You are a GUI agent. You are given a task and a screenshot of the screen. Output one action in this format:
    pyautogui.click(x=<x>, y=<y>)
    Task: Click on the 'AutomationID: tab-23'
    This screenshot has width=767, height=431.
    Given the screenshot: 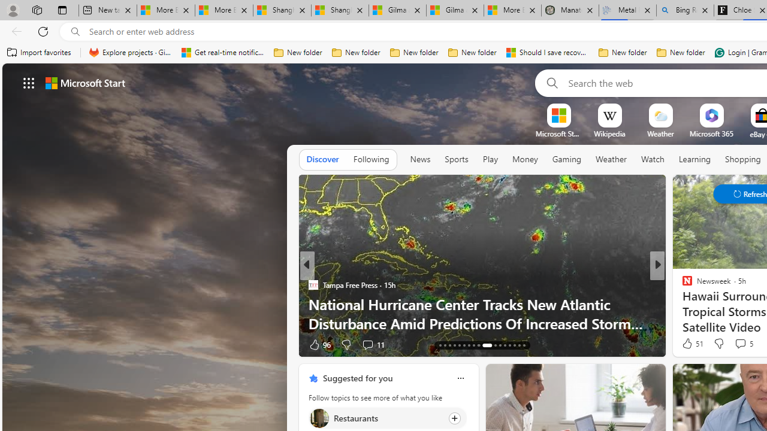 What is the action you would take?
    pyautogui.click(x=468, y=345)
    